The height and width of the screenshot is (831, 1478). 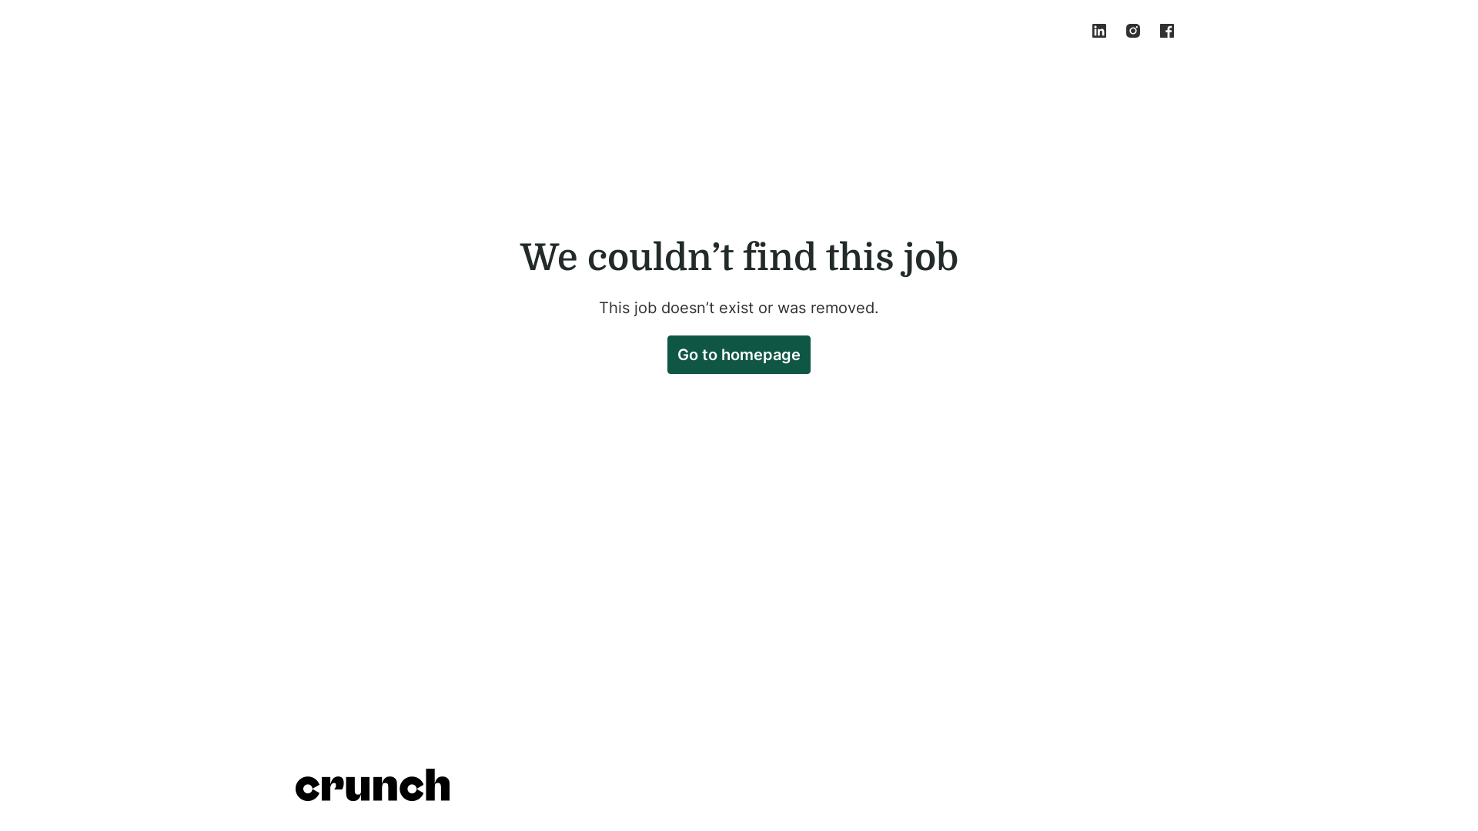 I want to click on 'linkedin', so click(x=1098, y=30).